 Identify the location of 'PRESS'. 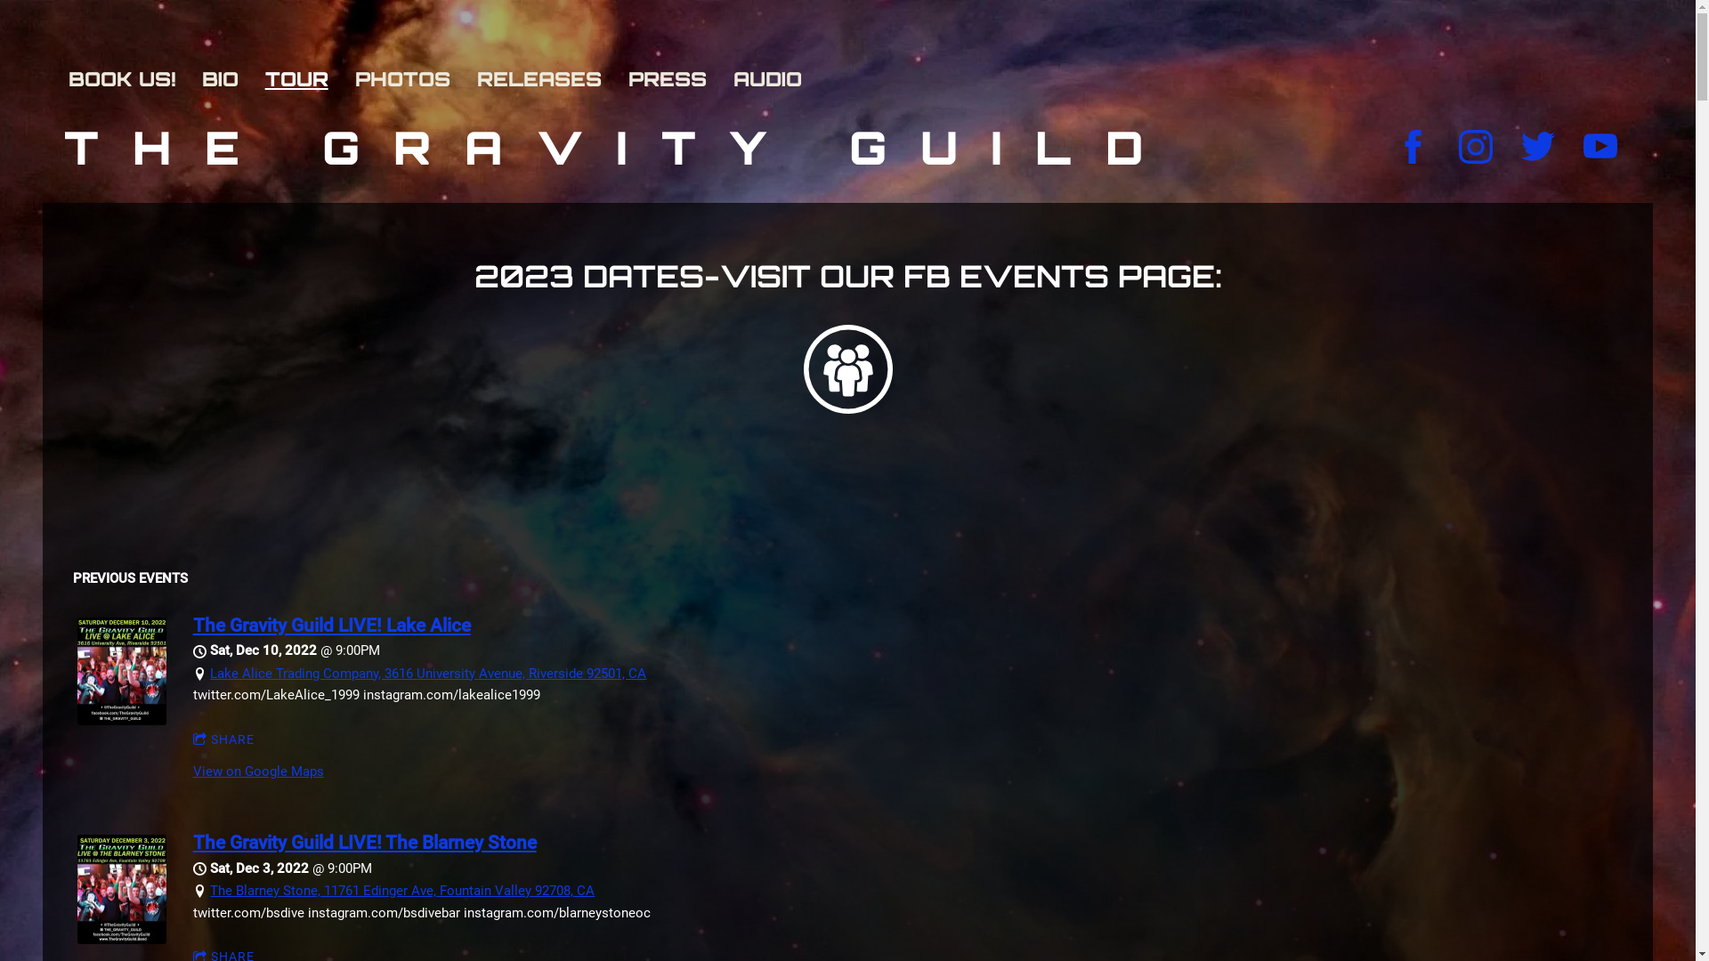
(675, 77).